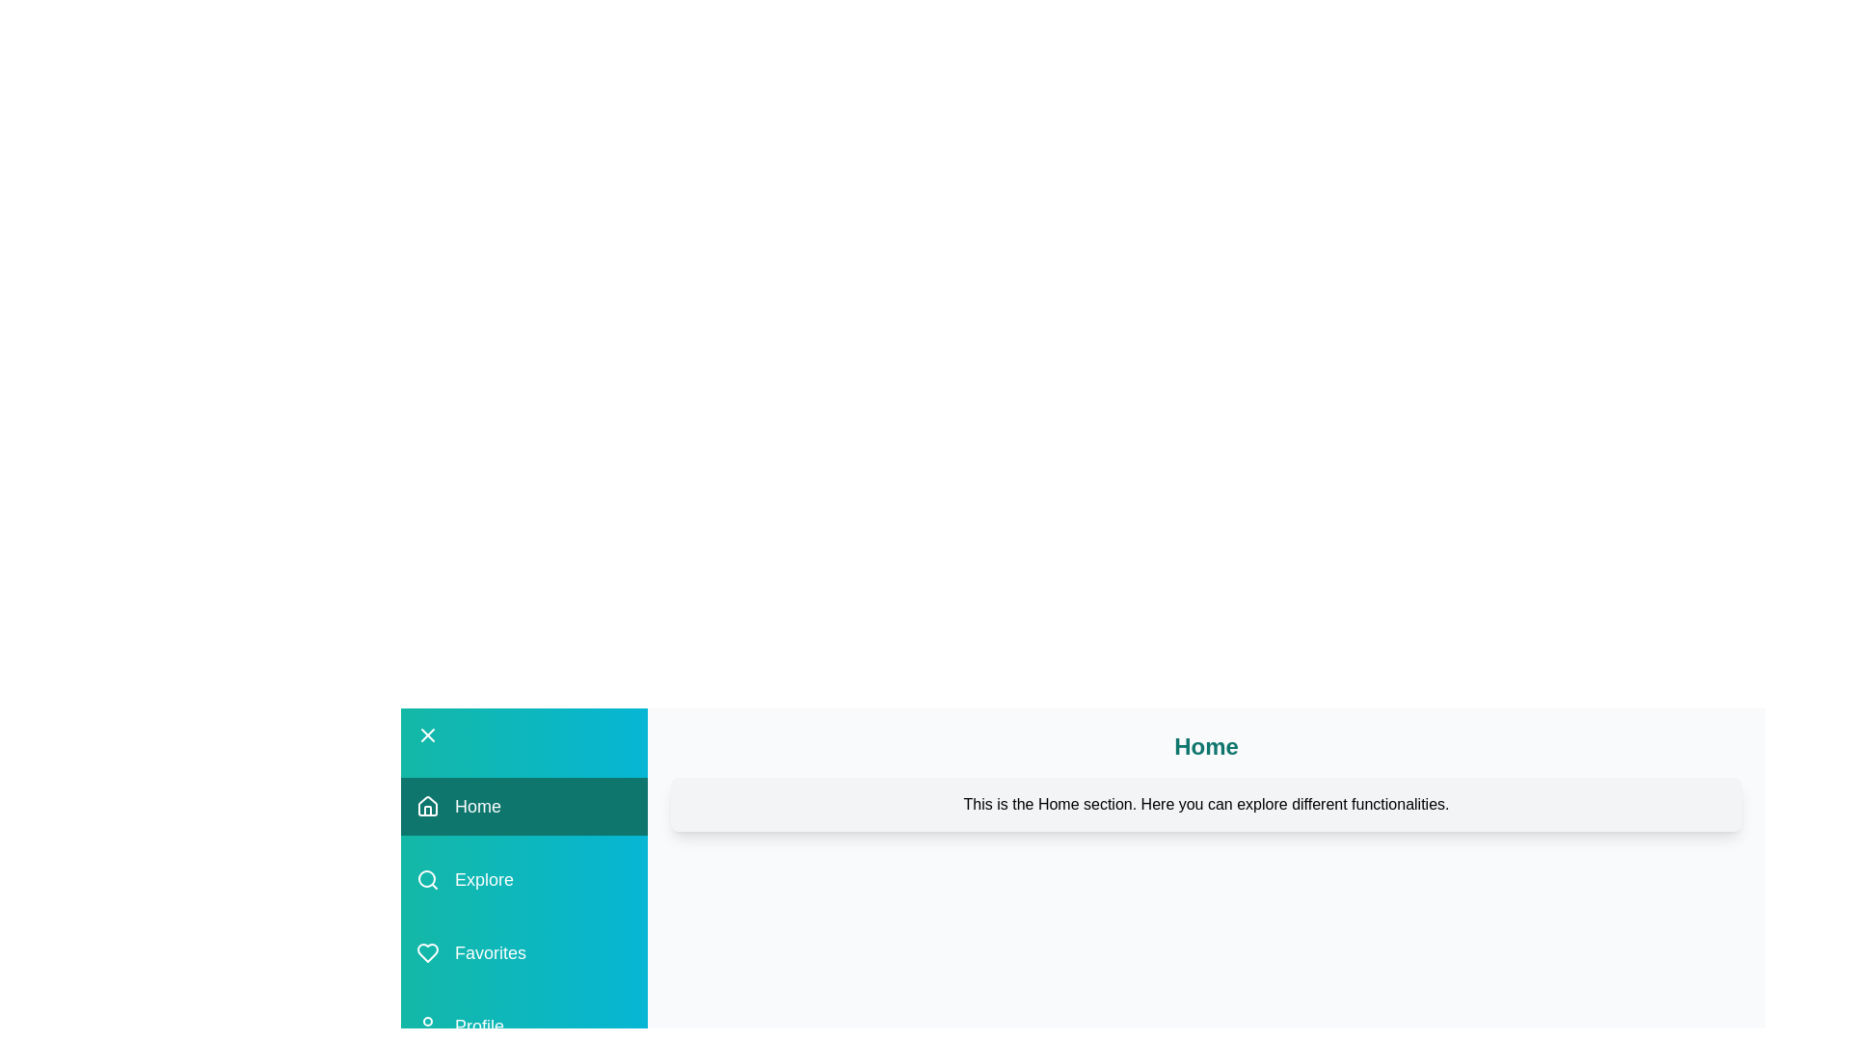 This screenshot has width=1851, height=1041. I want to click on the toggle button to close the drawer, so click(523, 735).